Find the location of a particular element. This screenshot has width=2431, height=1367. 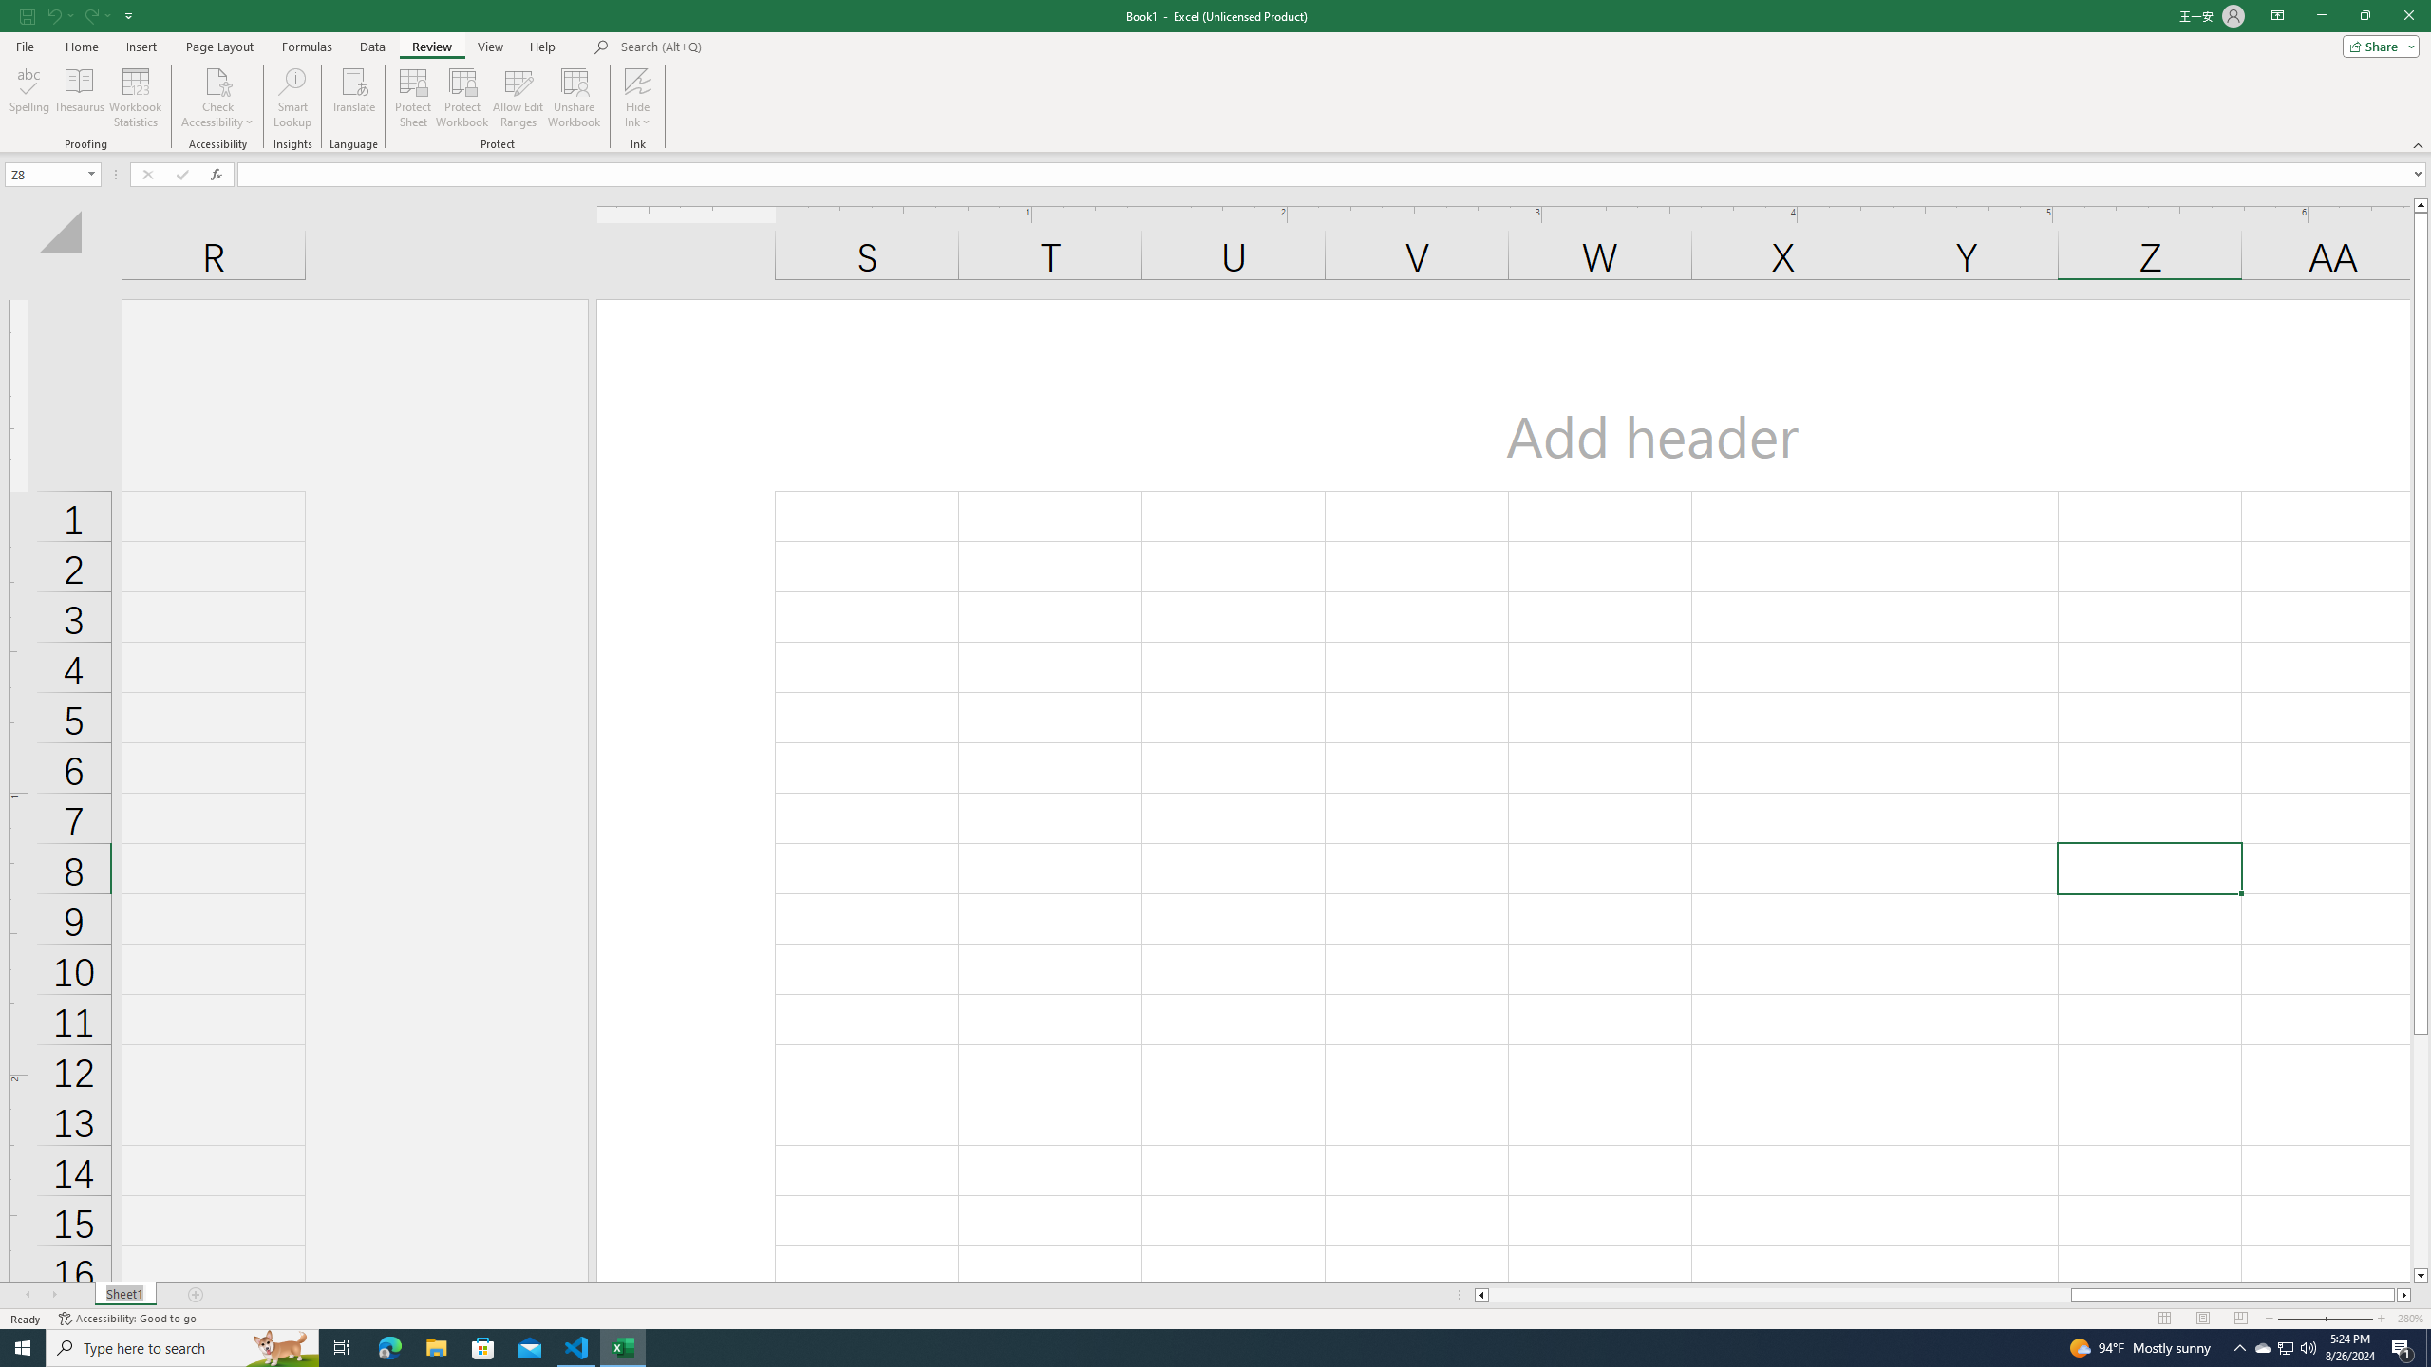

'Allow Edit Ranges' is located at coordinates (518, 98).